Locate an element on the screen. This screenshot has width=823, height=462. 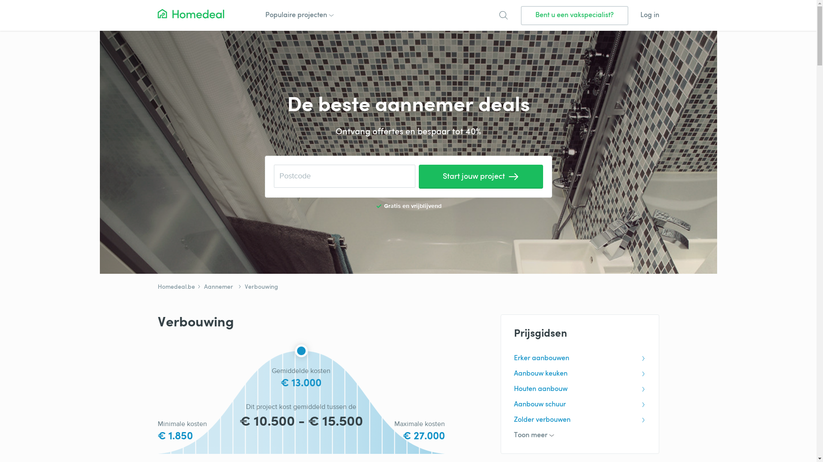
'Start jouw project' is located at coordinates (481, 176).